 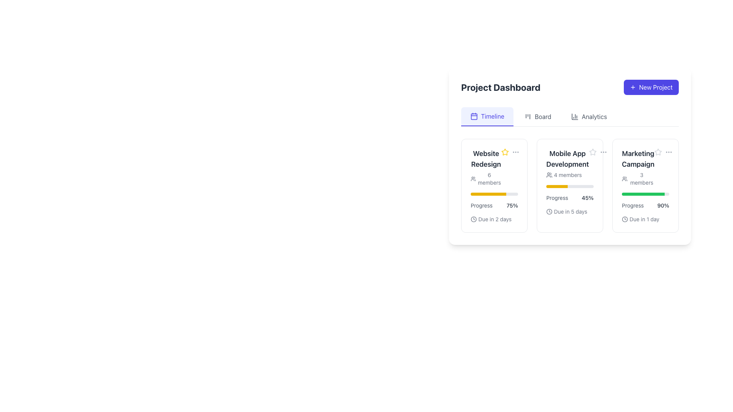 What do you see at coordinates (494, 185) in the screenshot?
I see `the Information Card that summarizes the 'Website Redesign' project, located at the top-left corner of the grid layout` at bounding box center [494, 185].